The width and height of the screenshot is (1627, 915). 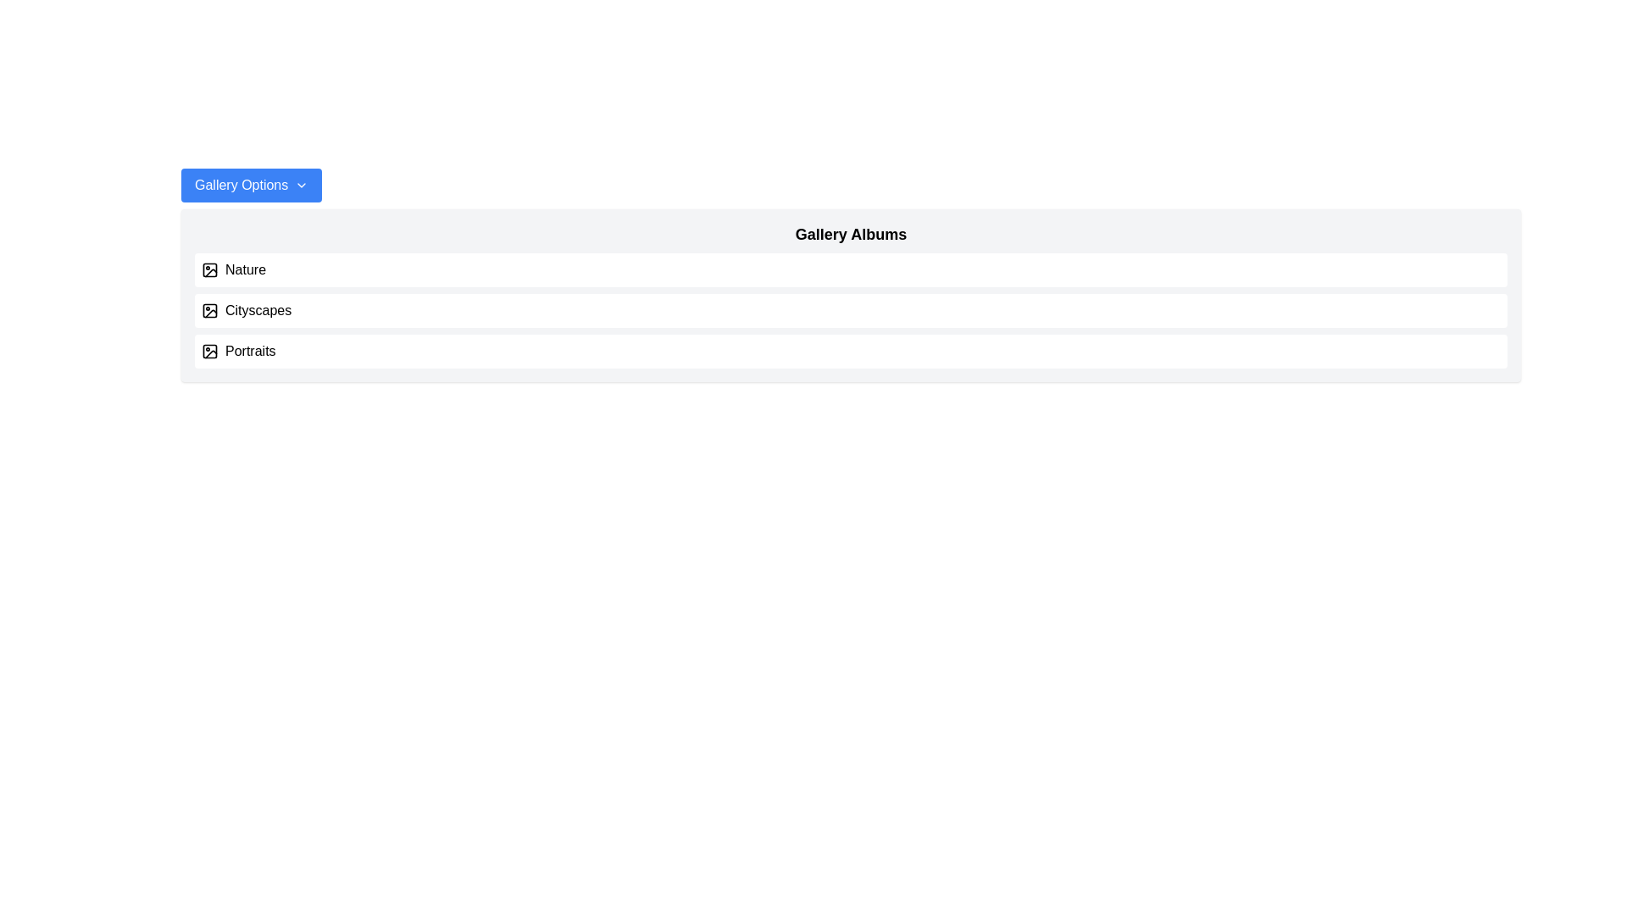 What do you see at coordinates (851, 351) in the screenshot?
I see `the album Portraits from the list` at bounding box center [851, 351].